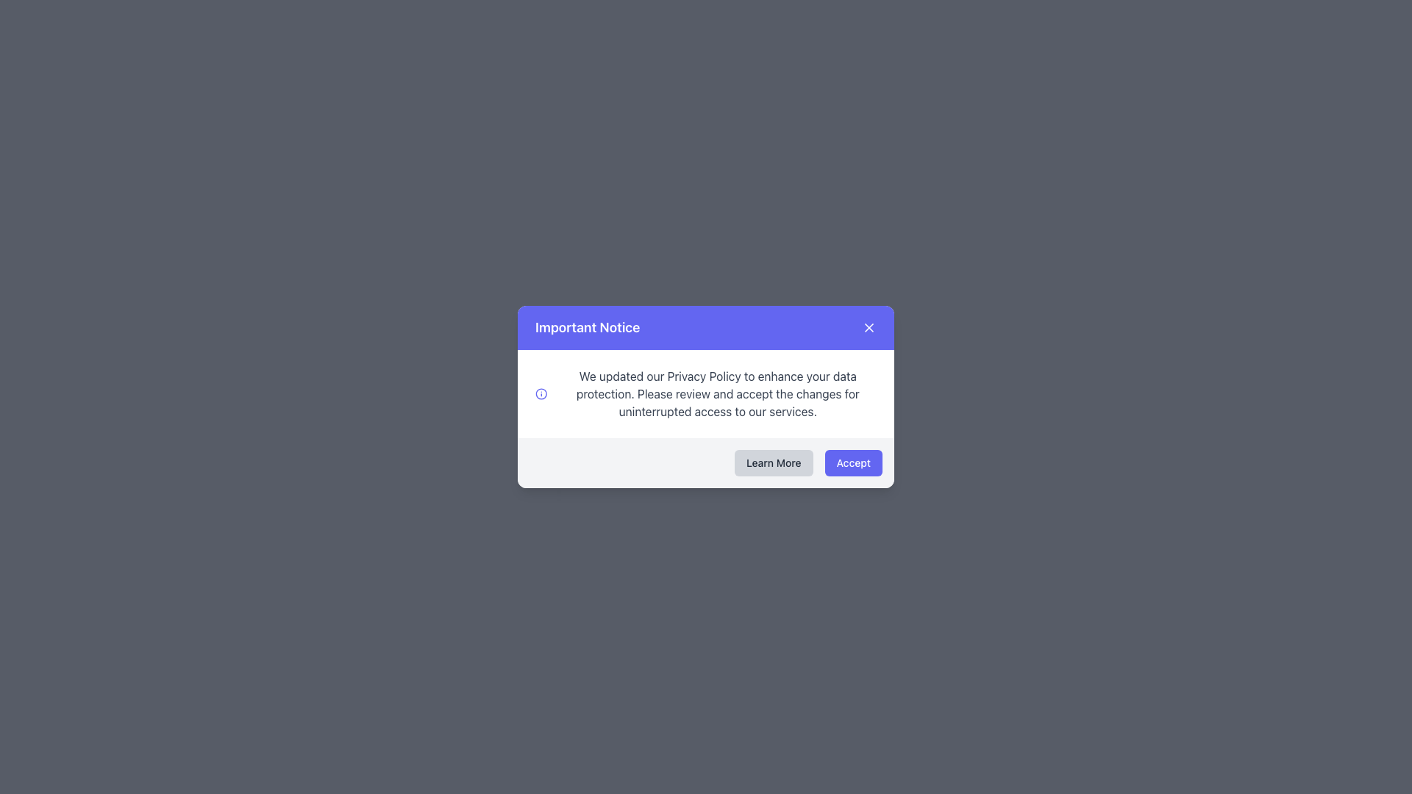 This screenshot has height=794, width=1412. Describe the element at coordinates (869, 327) in the screenshot. I see `the icon-based close button located in the top-right corner of the notification box, adjacent to the title 'Important Notice'` at that location.